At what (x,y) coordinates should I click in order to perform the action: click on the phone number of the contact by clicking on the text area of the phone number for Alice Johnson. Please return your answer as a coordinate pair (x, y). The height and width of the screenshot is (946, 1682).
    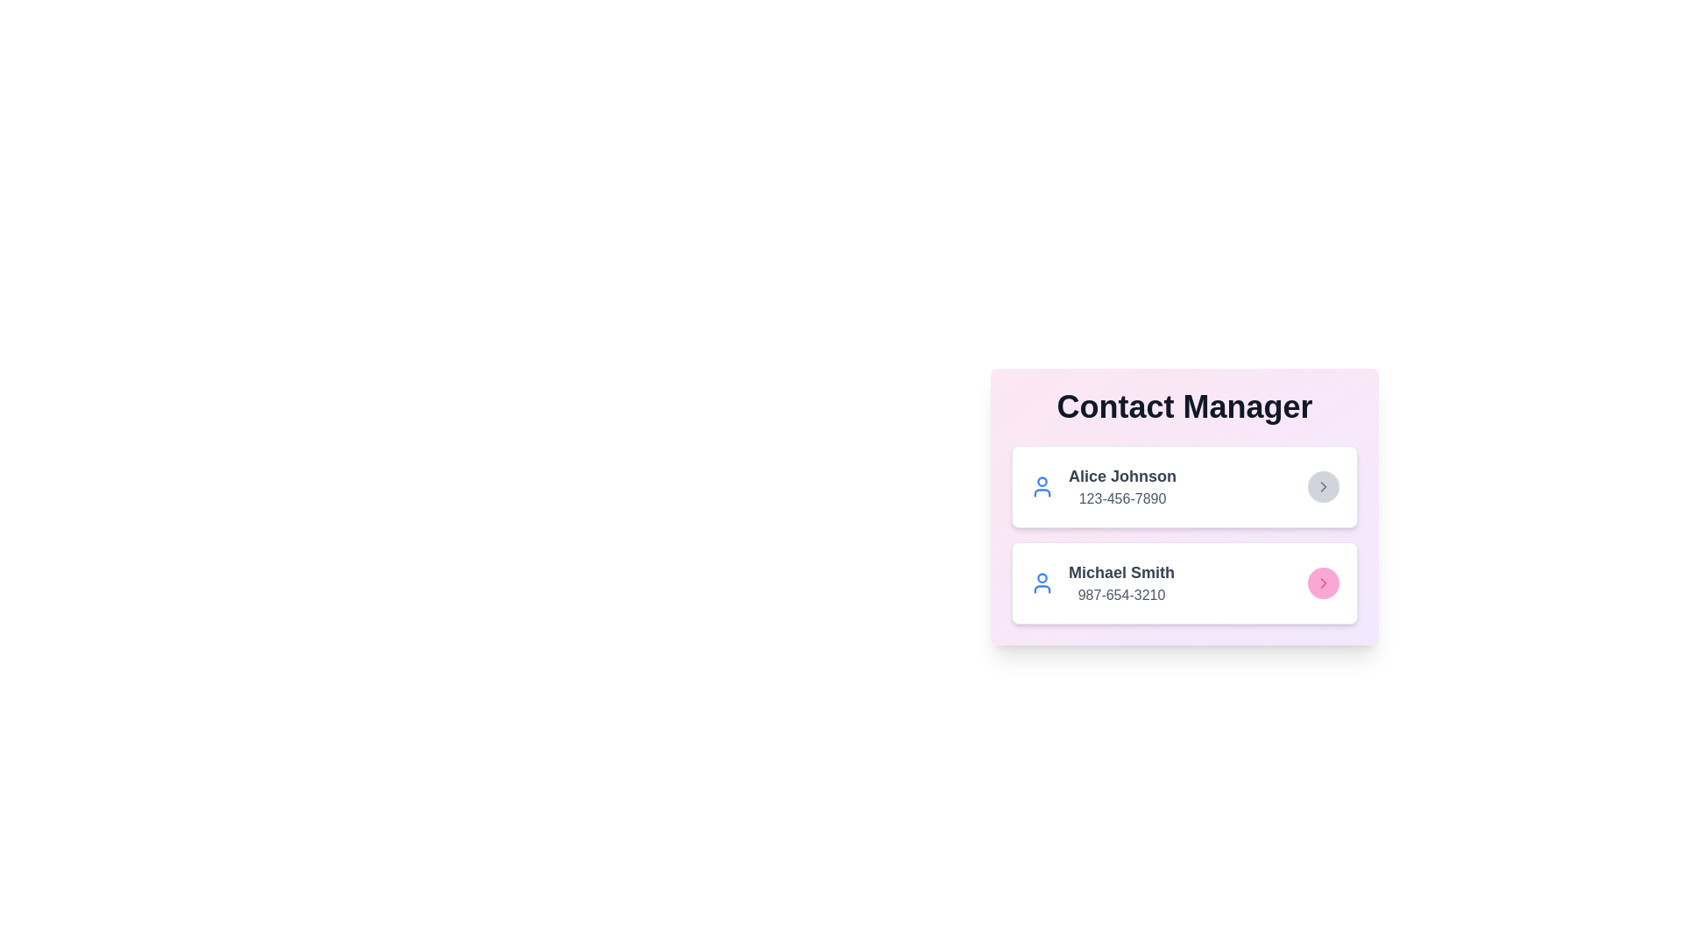
    Looking at the image, I should click on (1122, 499).